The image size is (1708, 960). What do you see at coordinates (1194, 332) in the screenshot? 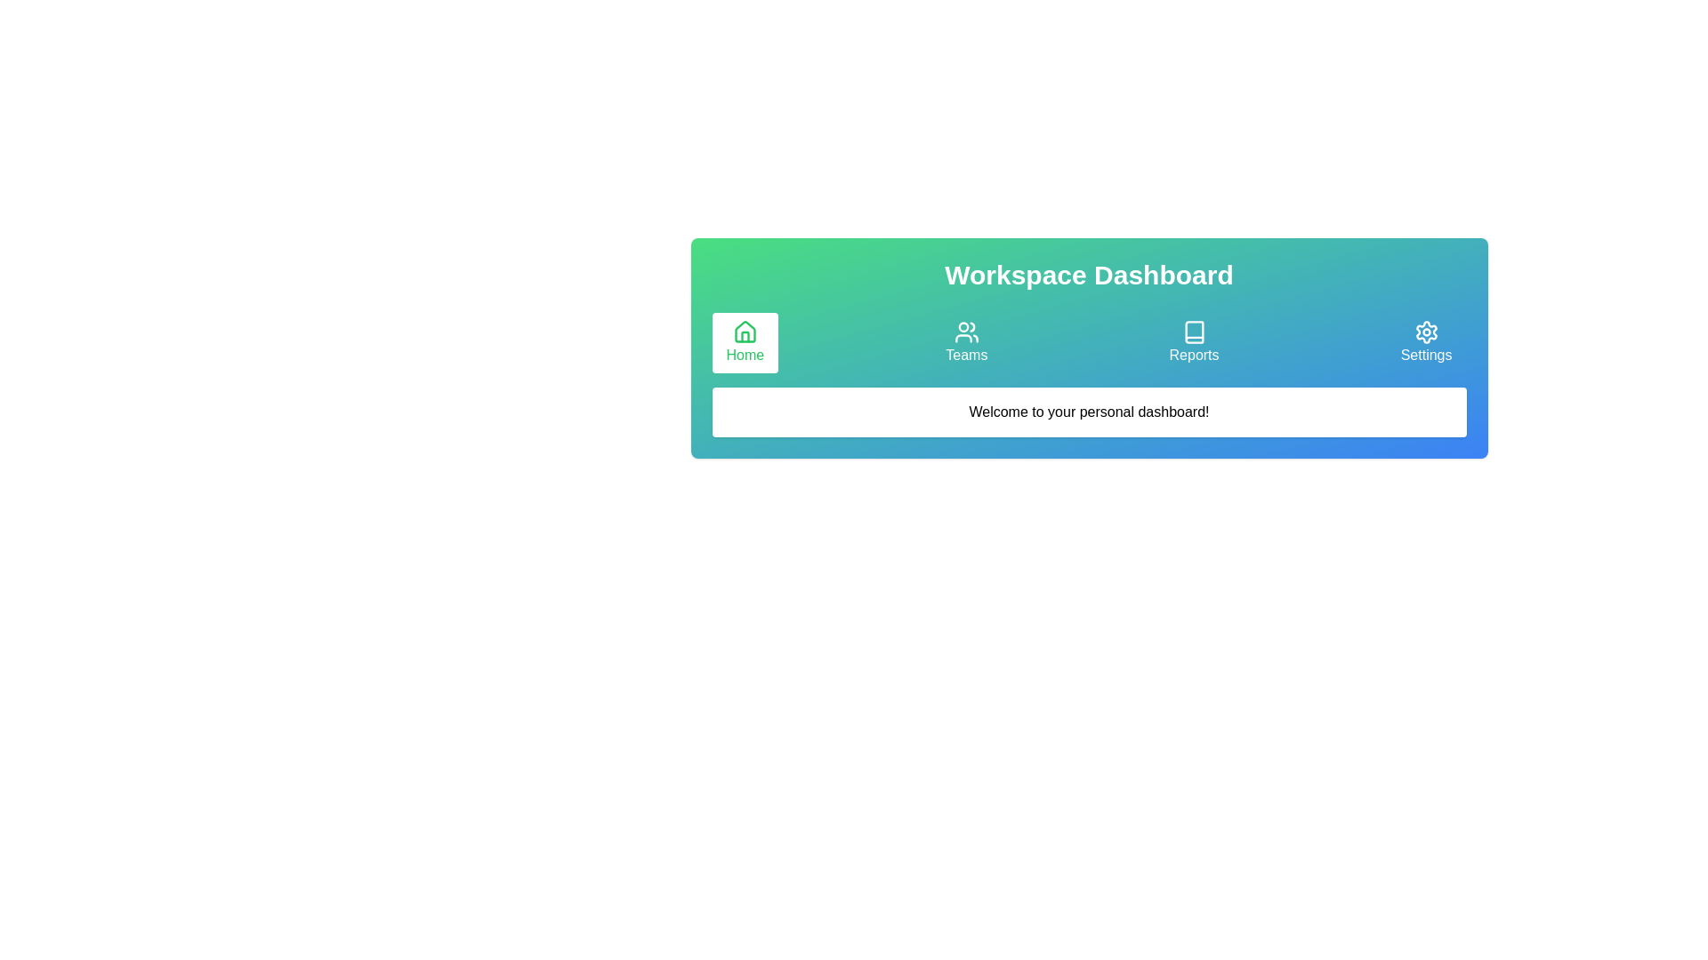
I see `the 'Reports' icon located in the top navigation bar, positioned between the 'Teams' and 'Settings' buttons` at bounding box center [1194, 332].